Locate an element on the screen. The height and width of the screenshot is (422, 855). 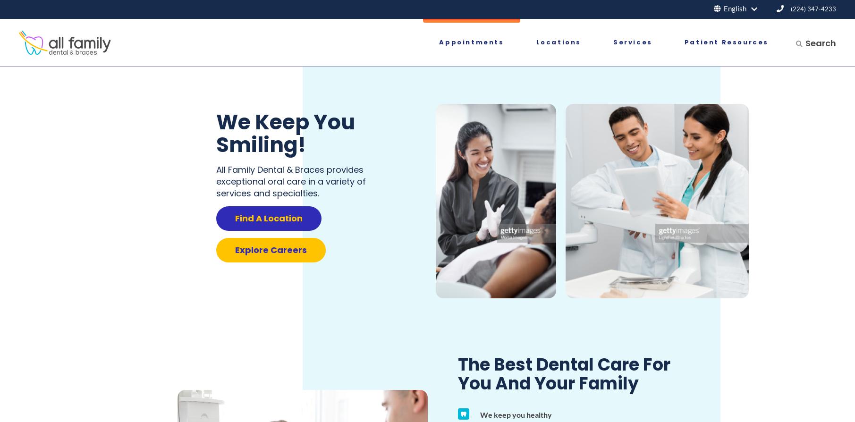
'services and specialties.' is located at coordinates (215, 193).